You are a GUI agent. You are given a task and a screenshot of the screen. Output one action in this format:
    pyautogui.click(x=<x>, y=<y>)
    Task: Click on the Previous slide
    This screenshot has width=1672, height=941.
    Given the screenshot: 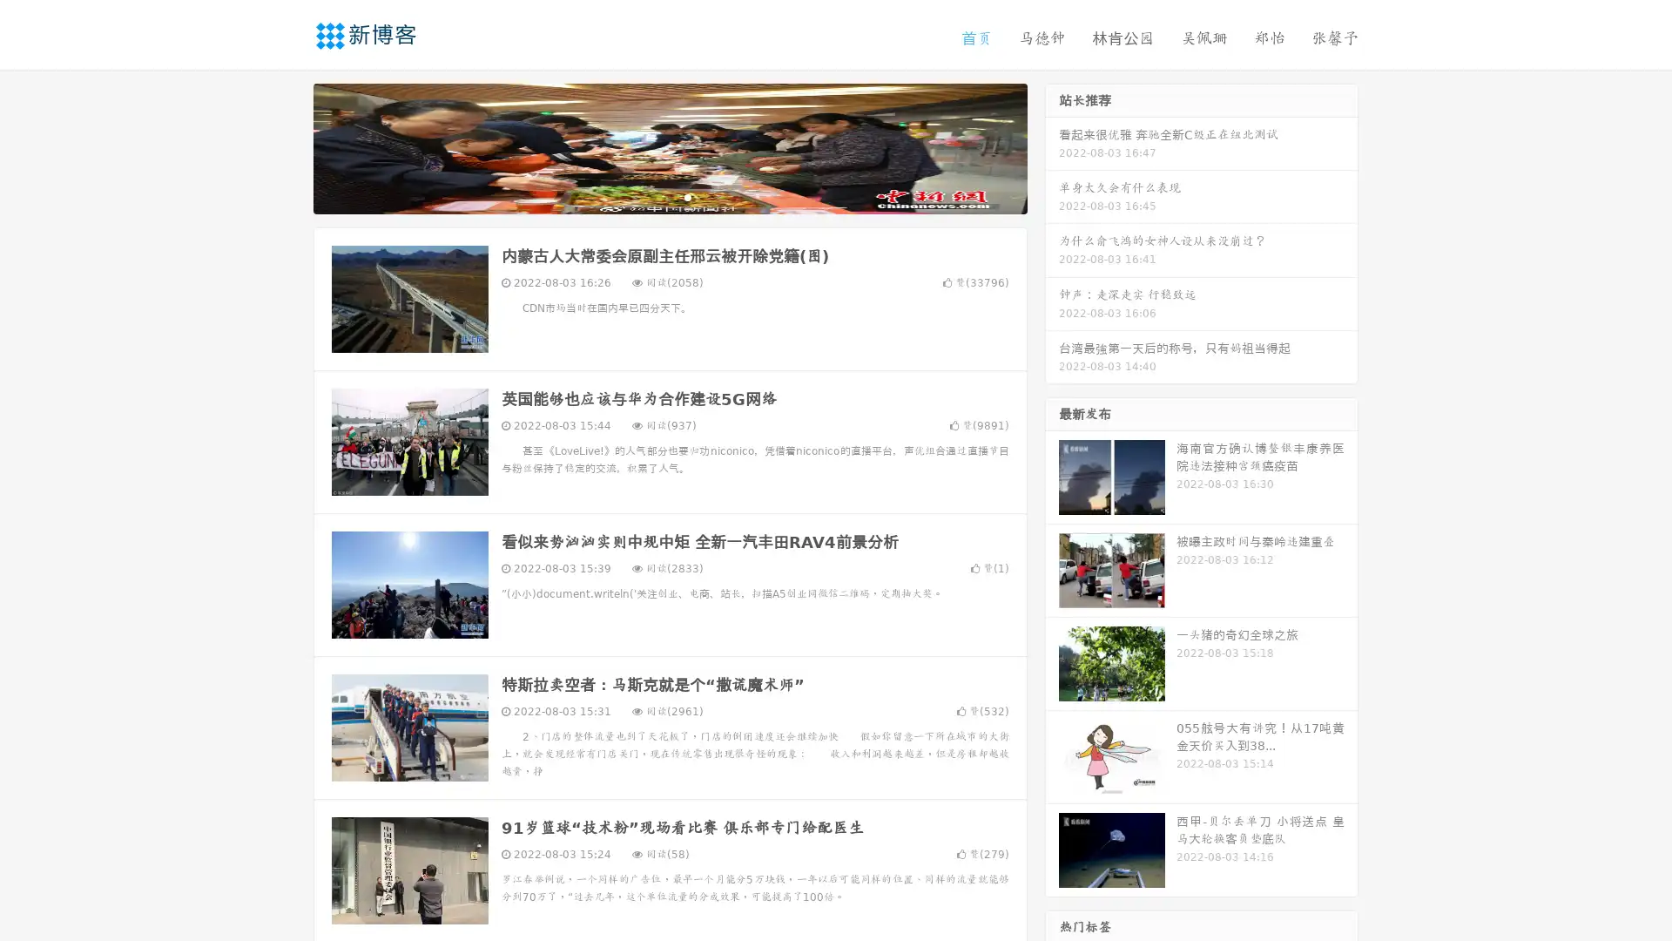 What is the action you would take?
    pyautogui.click(x=287, y=146)
    